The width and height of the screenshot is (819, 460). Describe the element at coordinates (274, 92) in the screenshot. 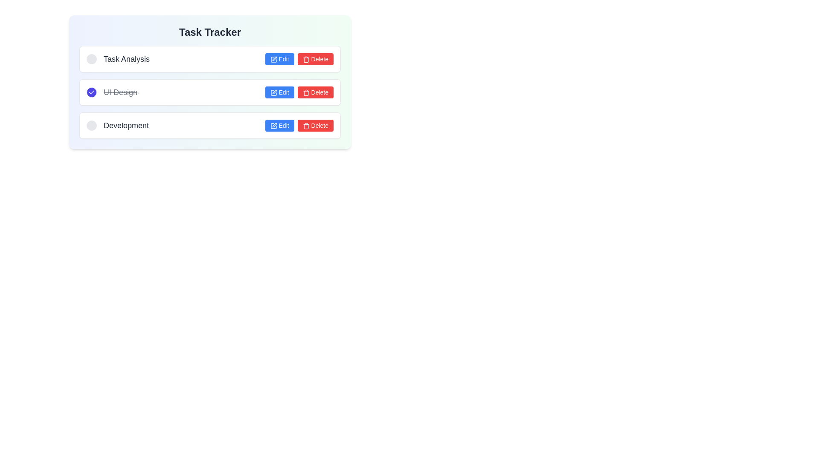

I see `the editing icon button located in the third row of the task list, adjacent to the red delete button` at that location.